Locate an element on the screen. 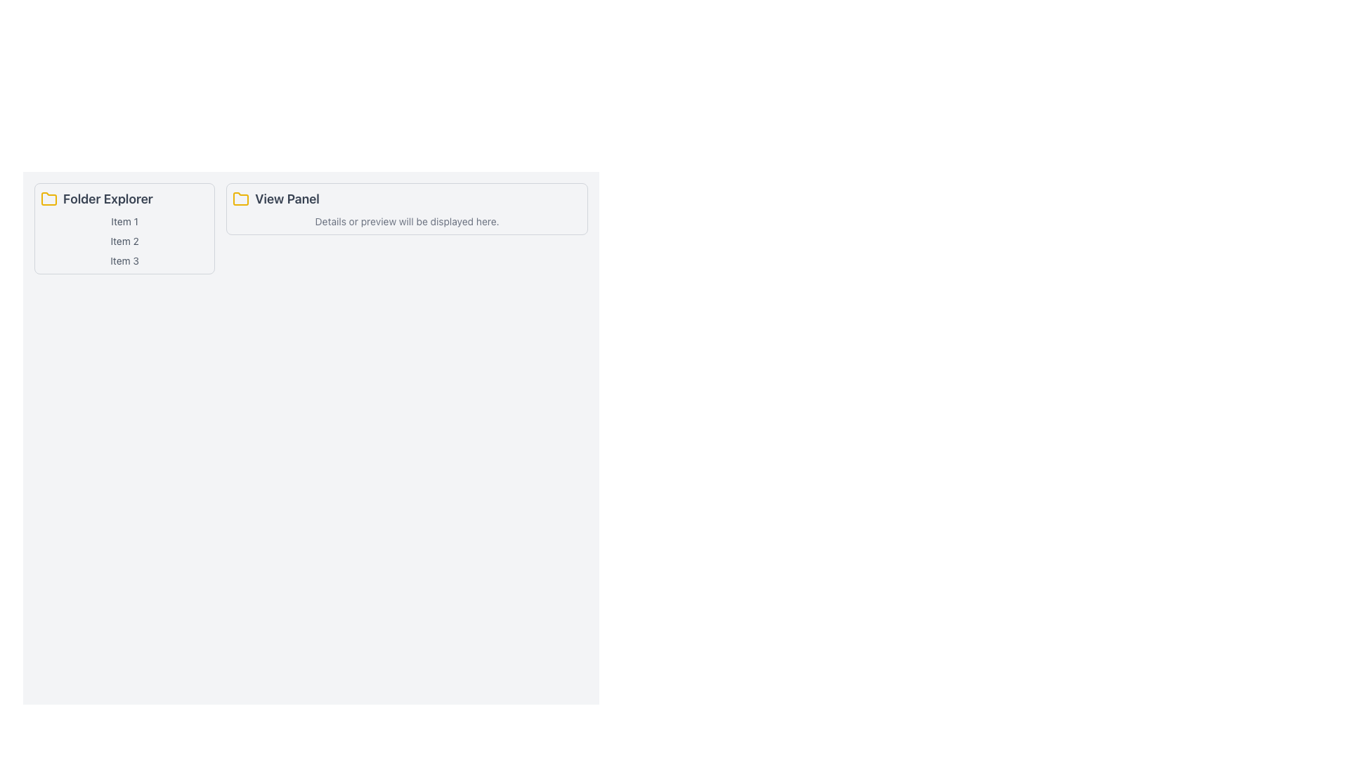  the folder icon located to the left of the 'View Panel' text label in the content panel is located at coordinates (241, 199).